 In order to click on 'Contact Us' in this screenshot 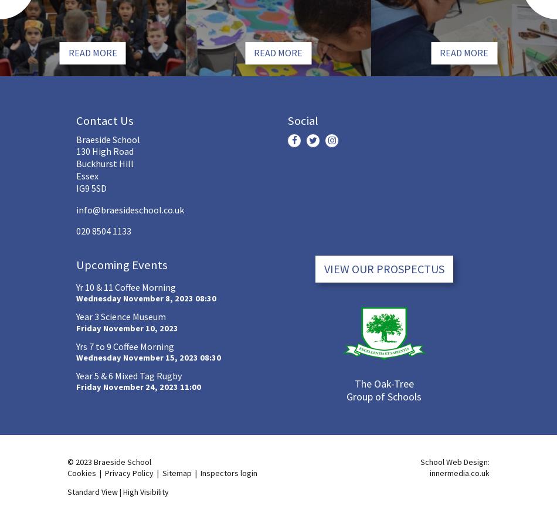, I will do `click(104, 120)`.